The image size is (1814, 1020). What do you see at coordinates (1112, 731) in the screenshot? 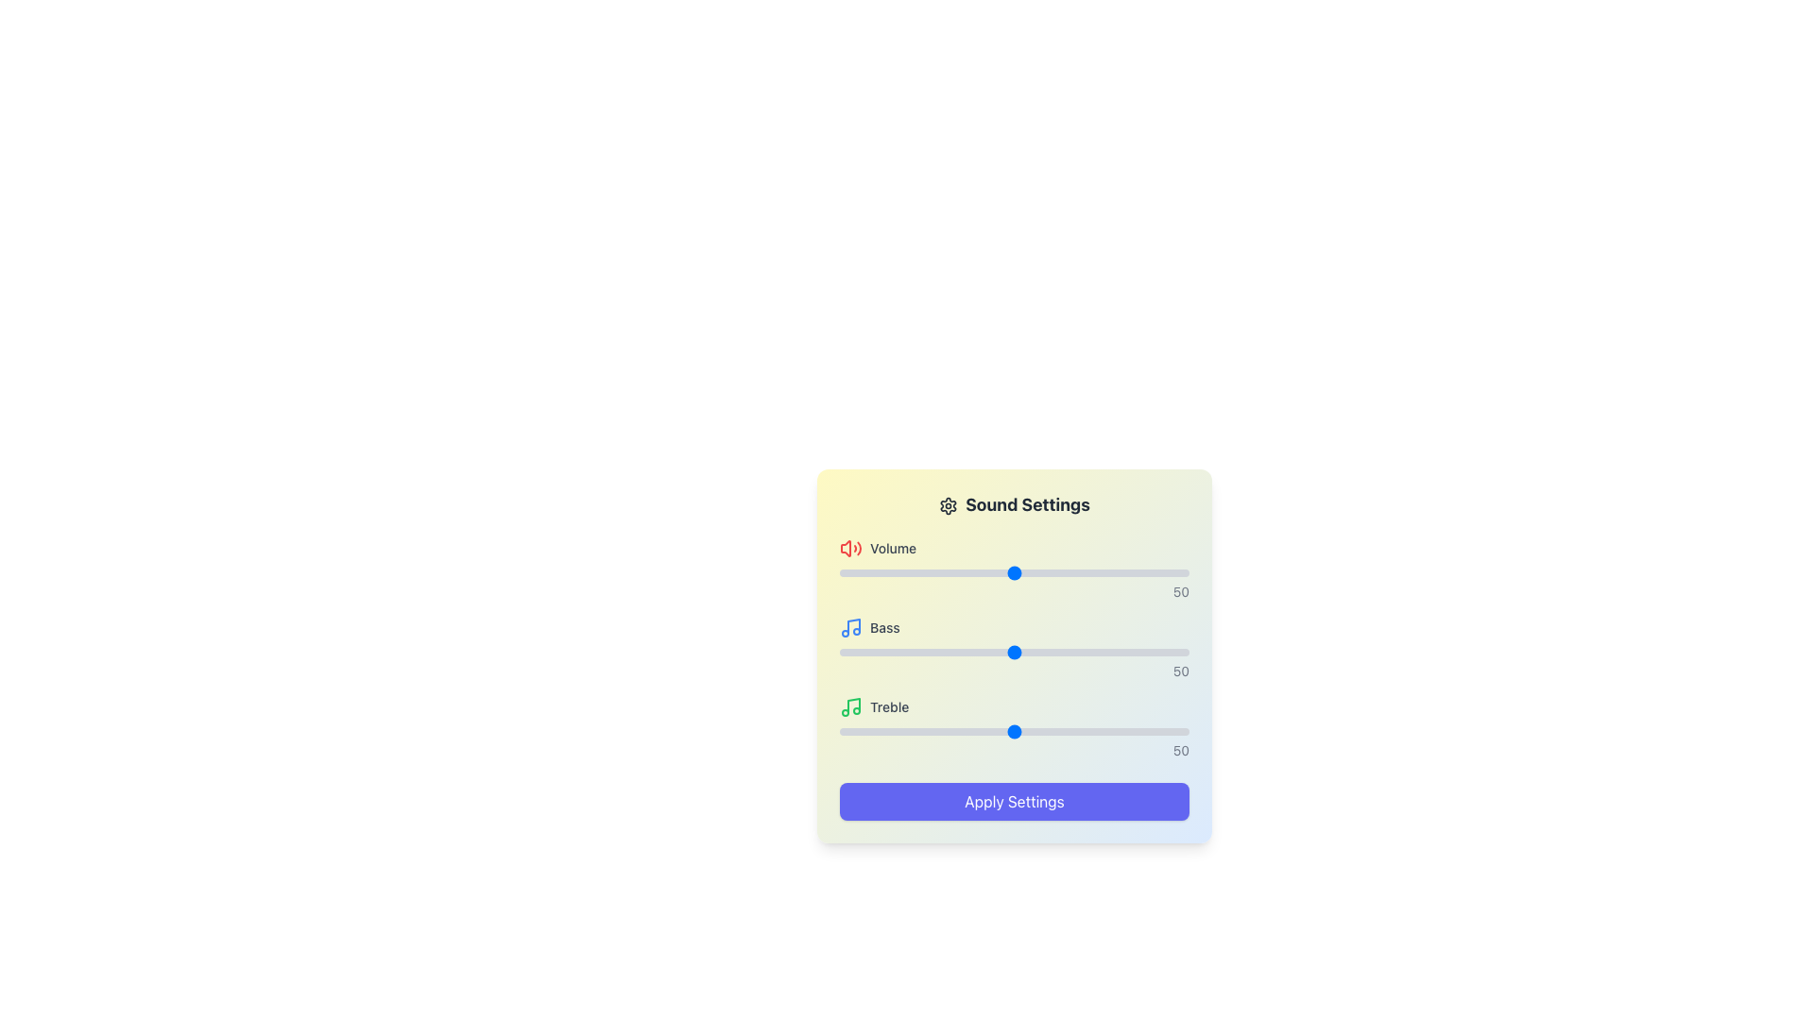
I see `the treble level` at bounding box center [1112, 731].